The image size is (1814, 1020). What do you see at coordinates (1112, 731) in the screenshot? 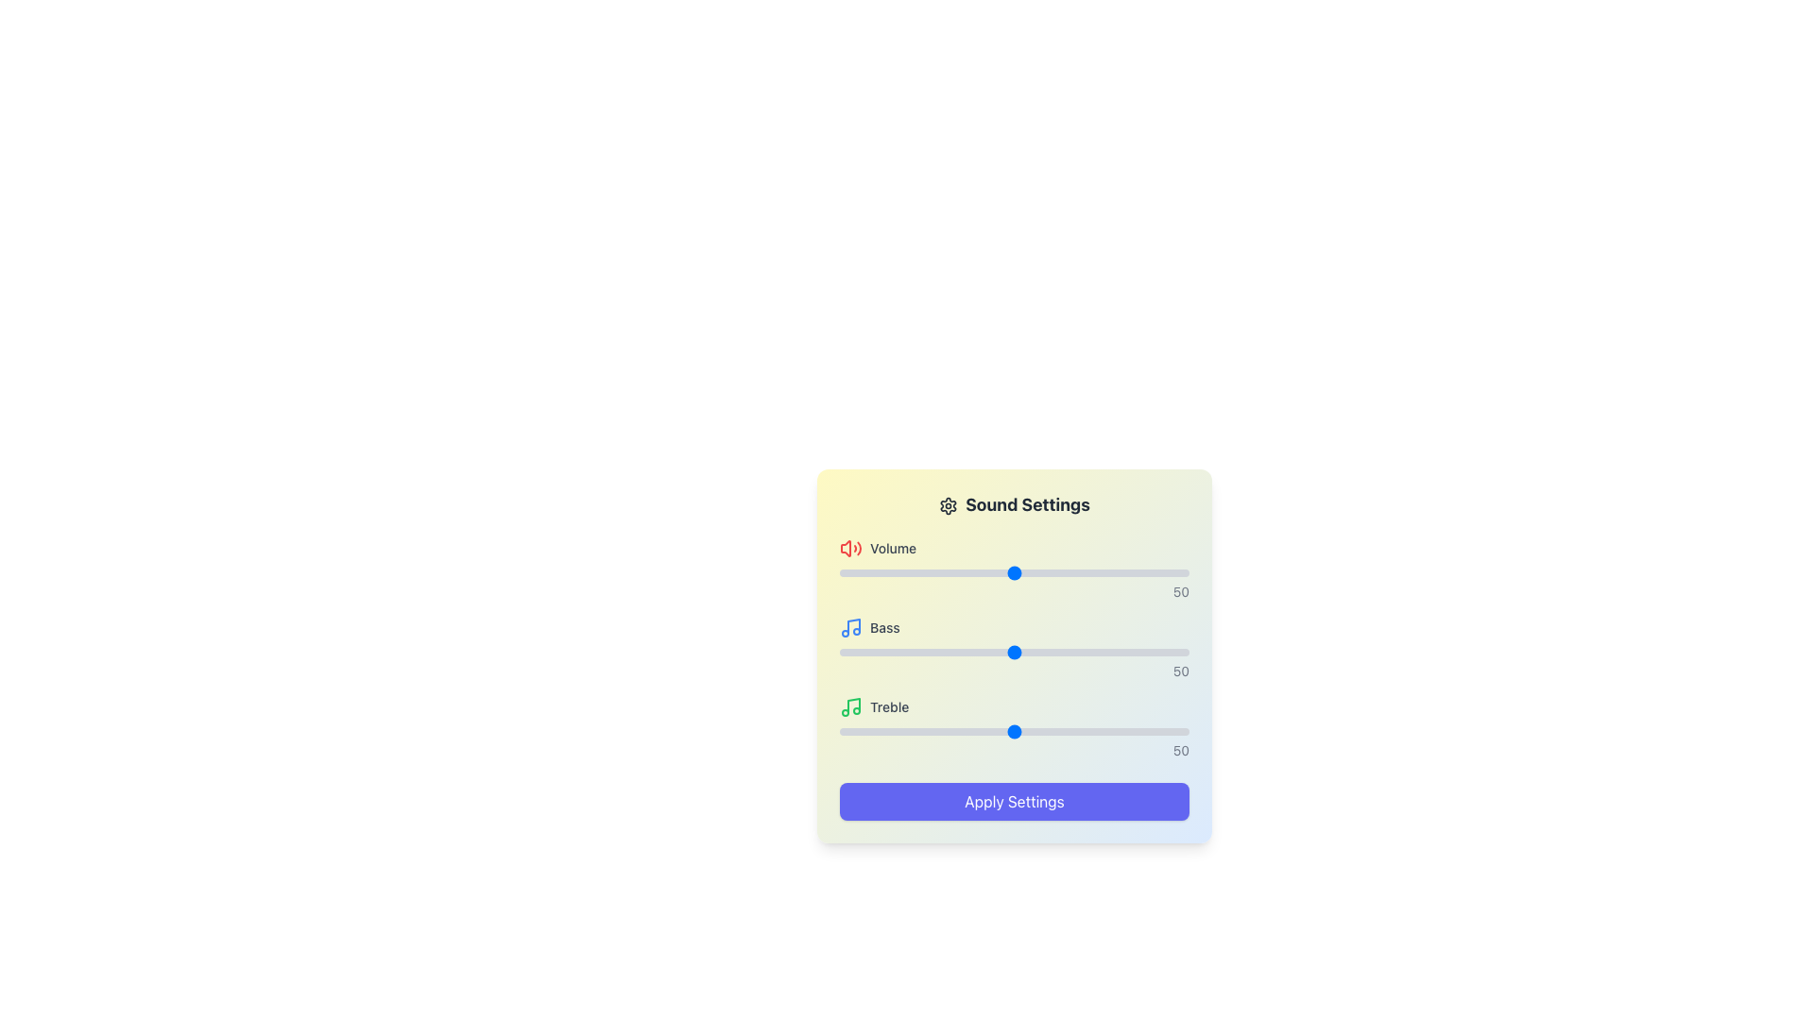
I see `the treble level` at bounding box center [1112, 731].